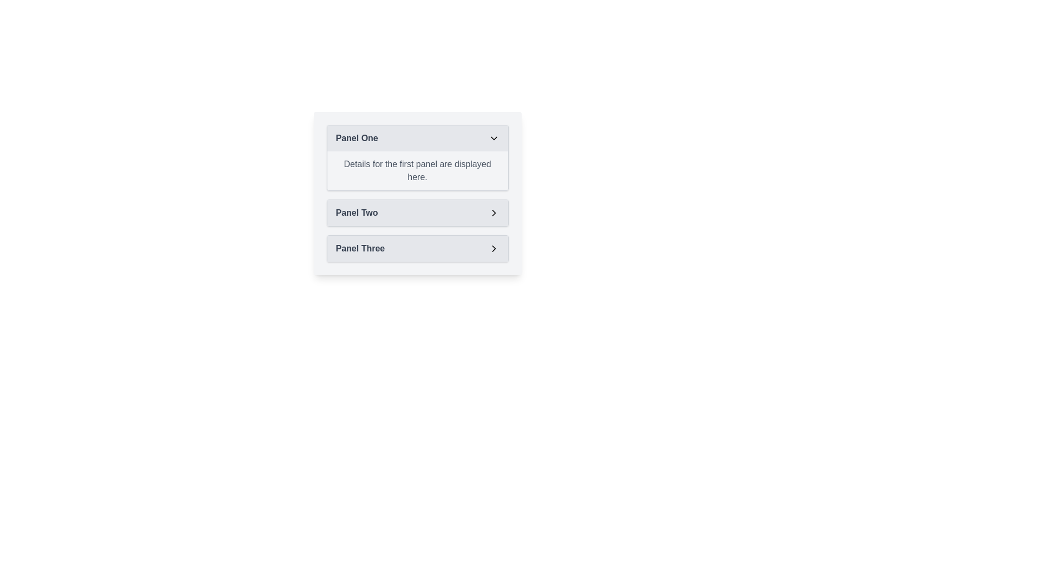 This screenshot has height=584, width=1039. Describe the element at coordinates (357, 137) in the screenshot. I see `the text label reading 'Panel One', which is styled in bold dark gray and located in the topmost panel above 'Panel Two'` at that location.